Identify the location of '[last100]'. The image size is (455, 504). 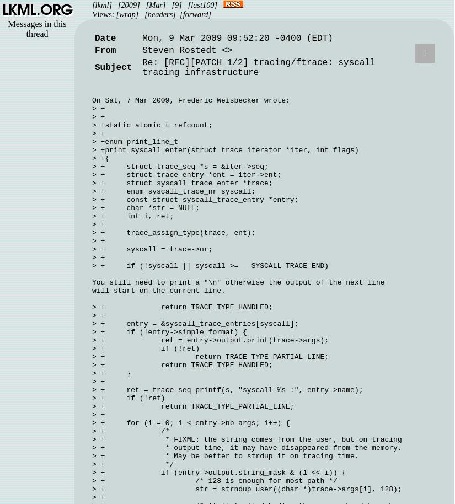
(202, 4).